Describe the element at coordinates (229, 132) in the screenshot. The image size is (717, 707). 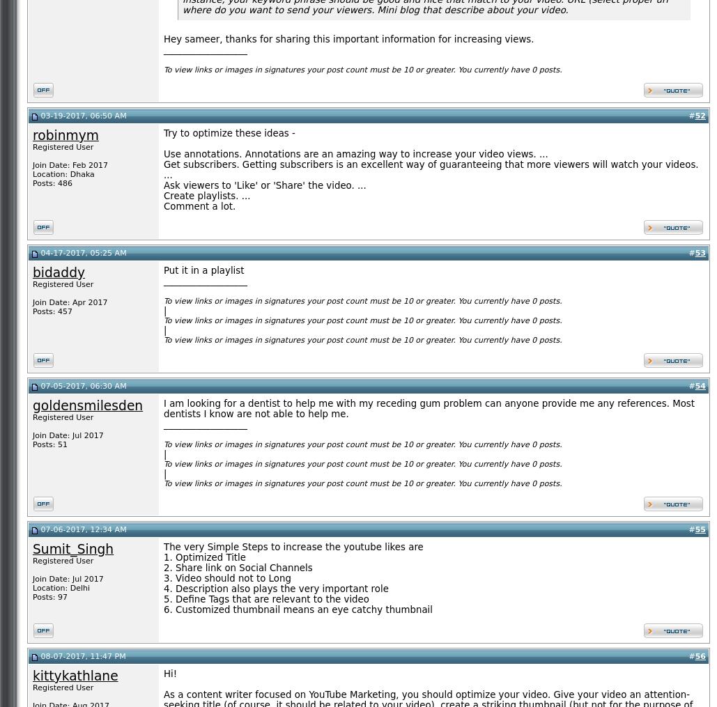
I see `'Try to optimize these ideas -'` at that location.